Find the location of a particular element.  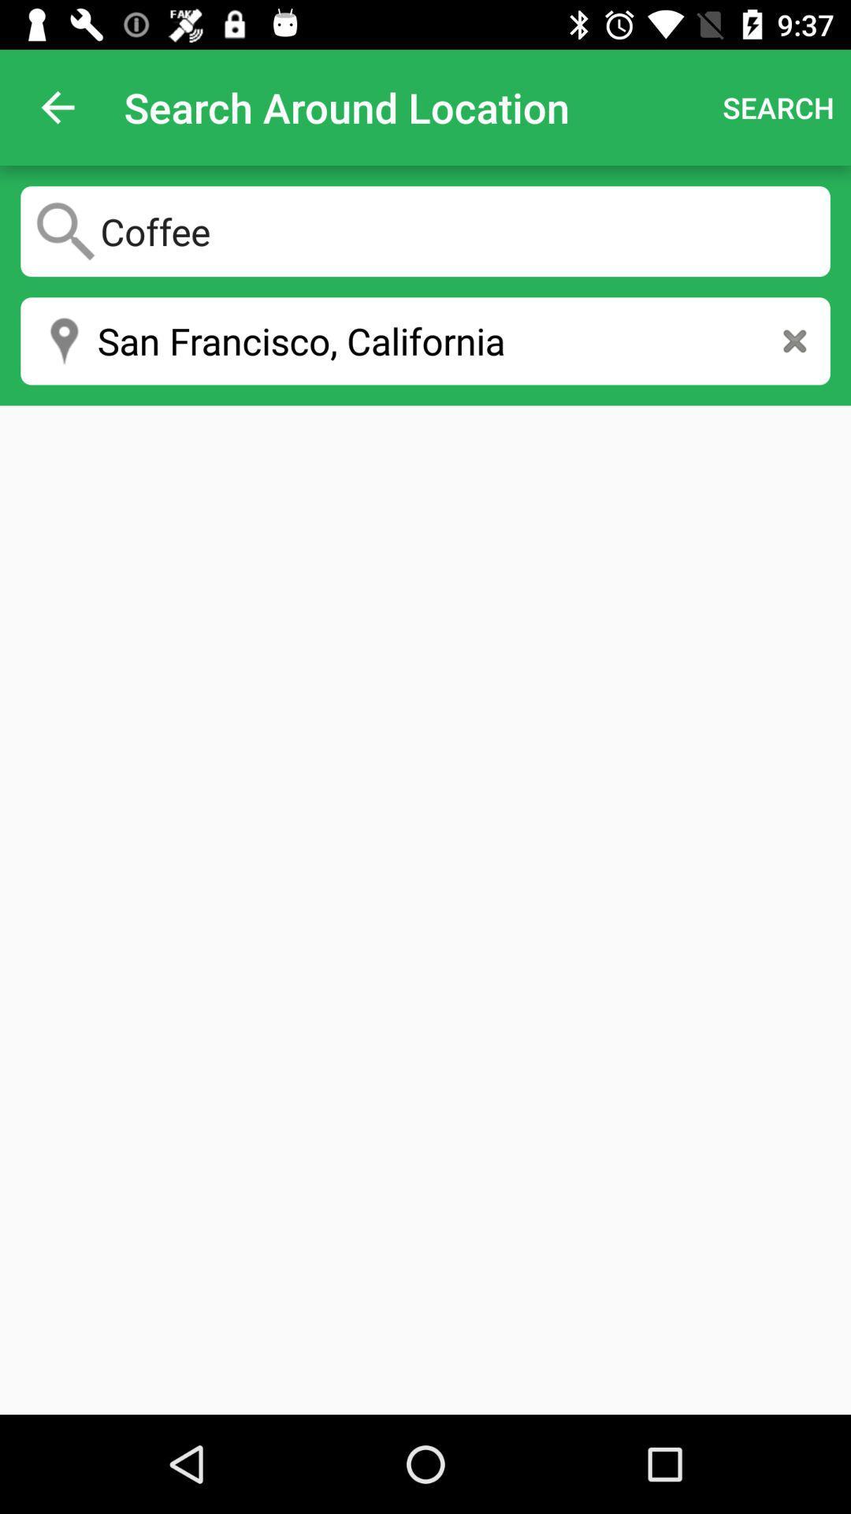

the icon below the coffee icon is located at coordinates (425, 340).